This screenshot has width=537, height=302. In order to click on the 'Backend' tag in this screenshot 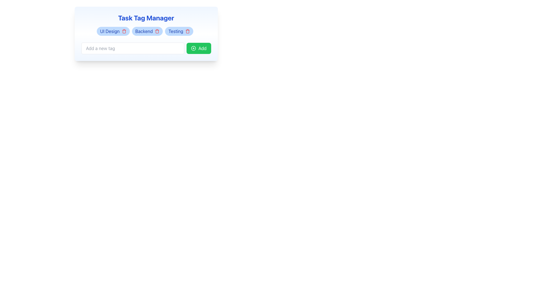, I will do `click(147, 31)`.